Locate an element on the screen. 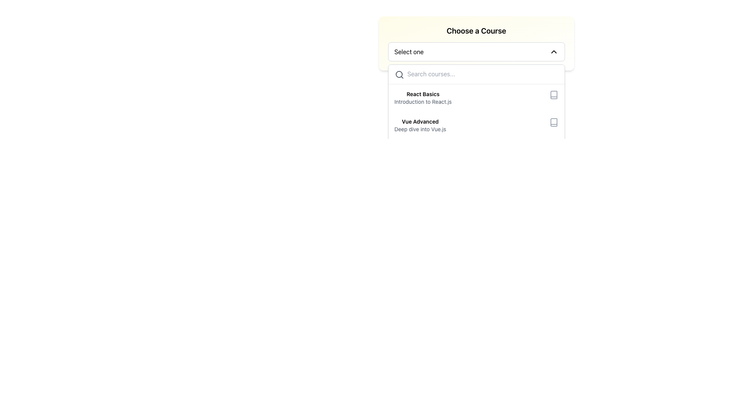 The height and width of the screenshot is (412, 732). the circular part of the magnifying glass icon located in the top-left corner of the autocomplete dropdown menu, which indicates the search functionality is located at coordinates (399, 74).